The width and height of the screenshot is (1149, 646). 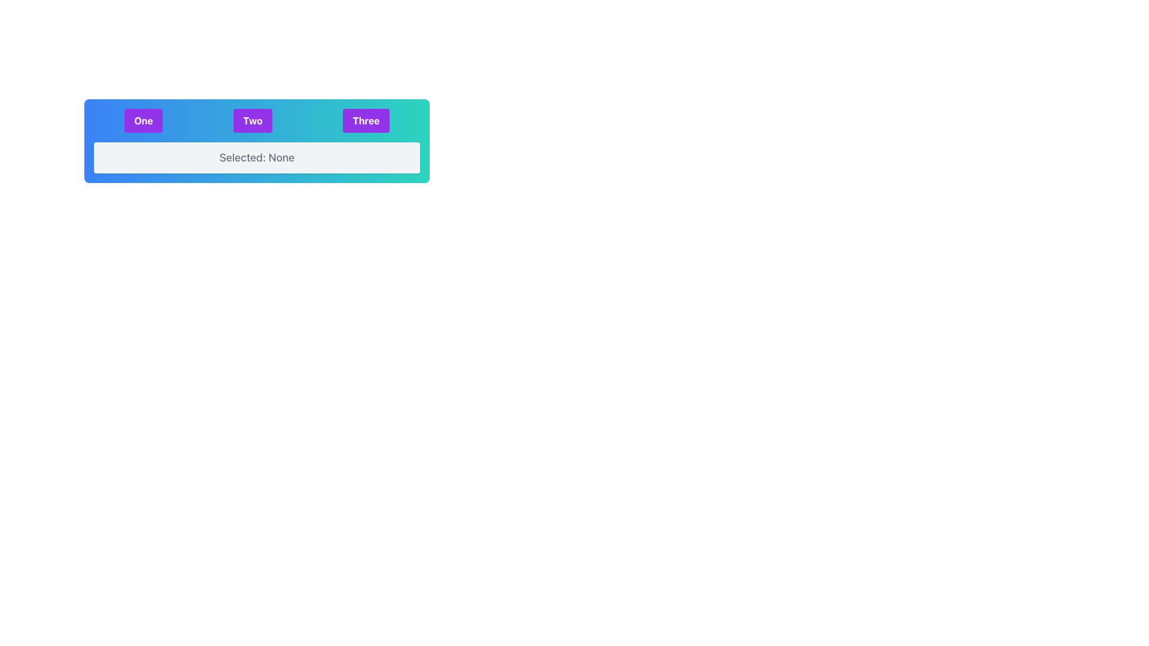 I want to click on the button labeled 'One', so click(x=144, y=120).